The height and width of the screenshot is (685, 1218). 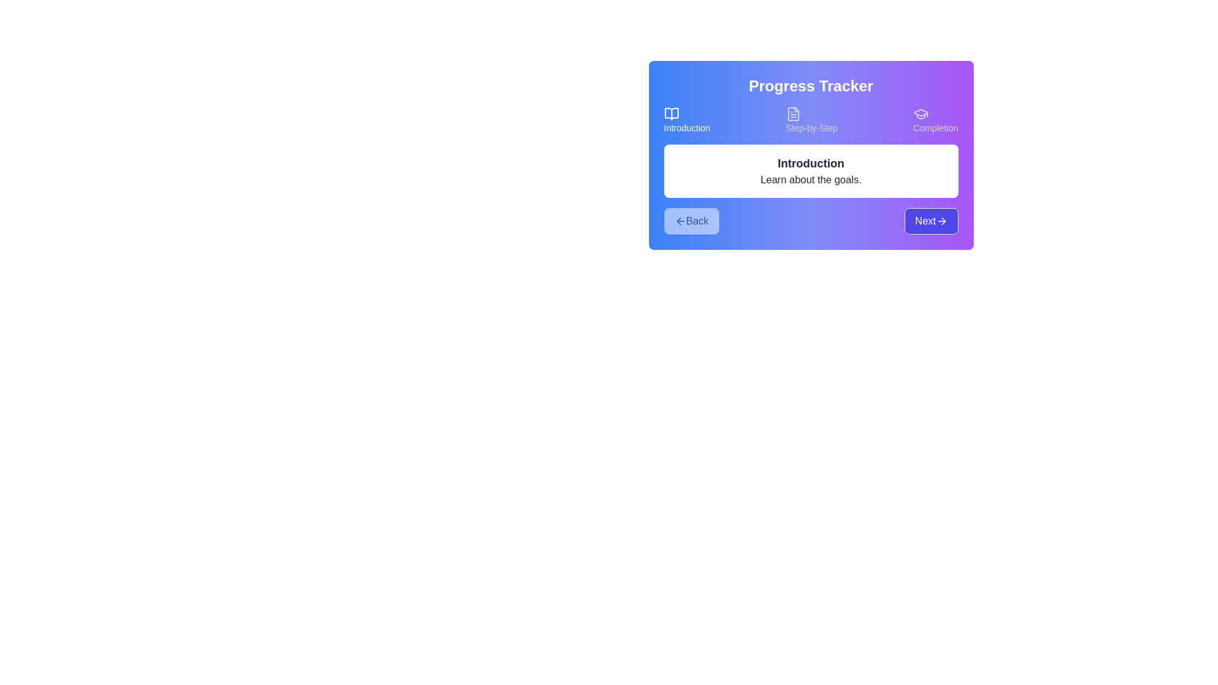 I want to click on Back button to navigate through the steps, so click(x=690, y=220).